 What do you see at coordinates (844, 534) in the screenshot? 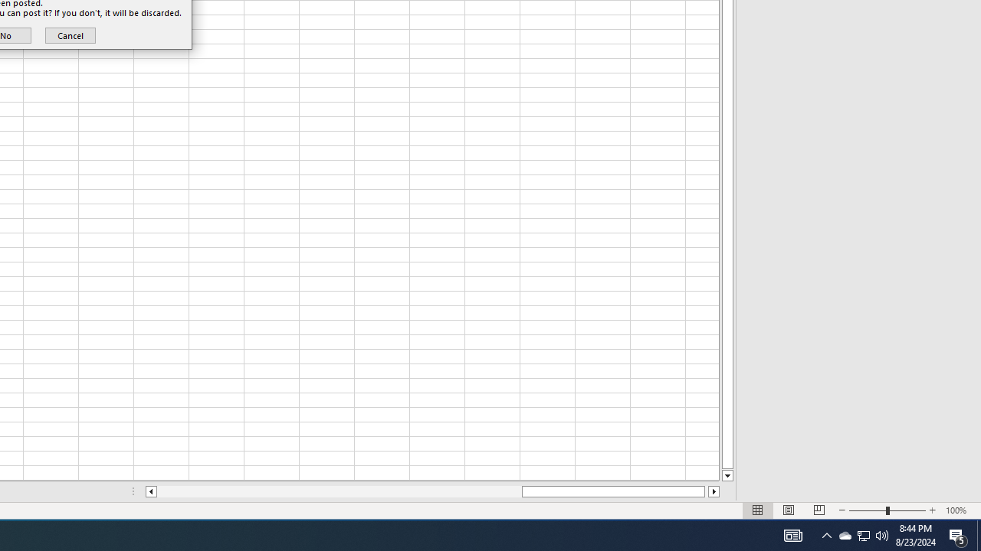
I see `'Notification Chevron'` at bounding box center [844, 534].